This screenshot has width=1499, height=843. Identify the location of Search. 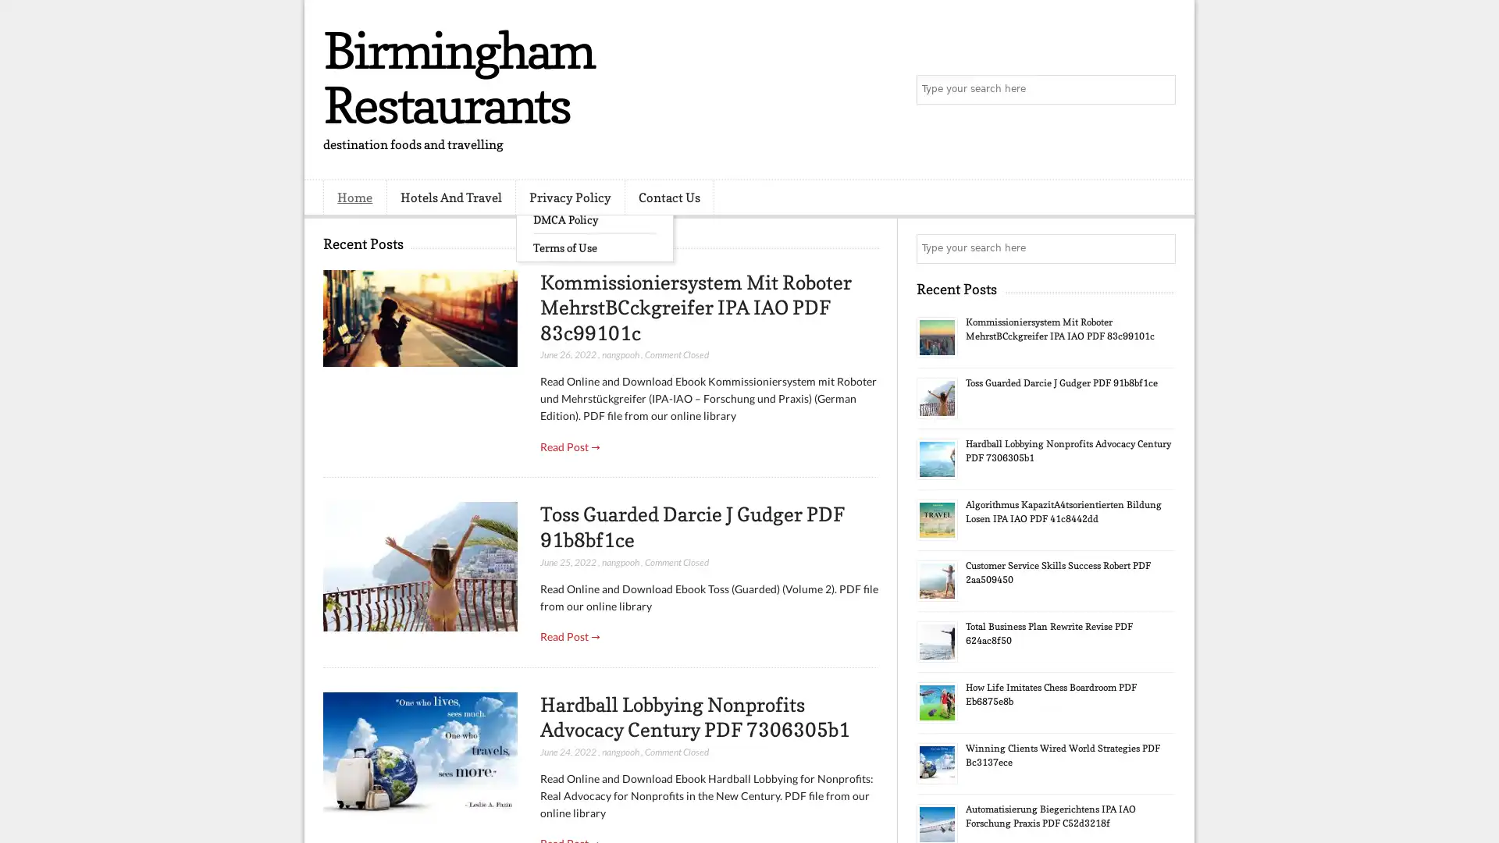
(1159, 90).